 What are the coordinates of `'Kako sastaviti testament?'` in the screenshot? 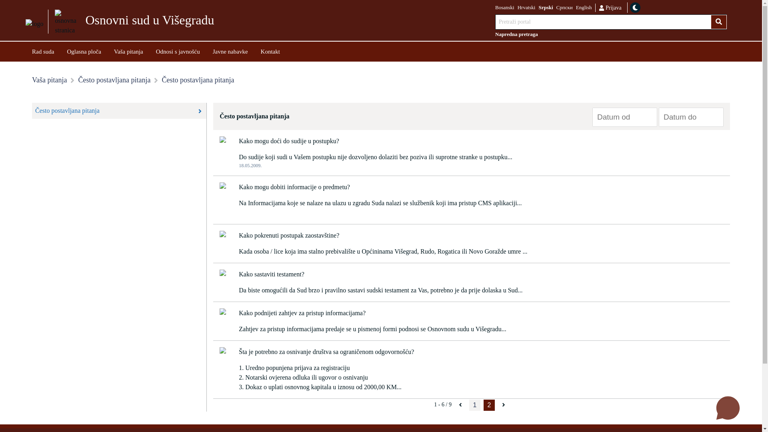 It's located at (271, 274).